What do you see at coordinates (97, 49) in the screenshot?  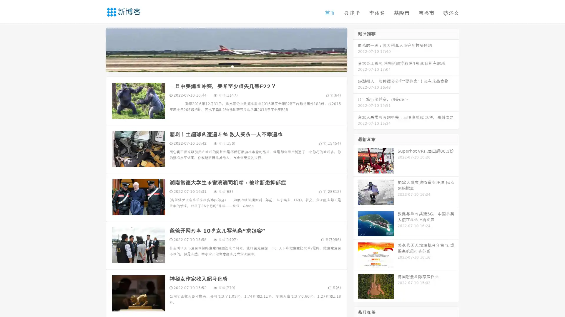 I see `Previous slide` at bounding box center [97, 49].